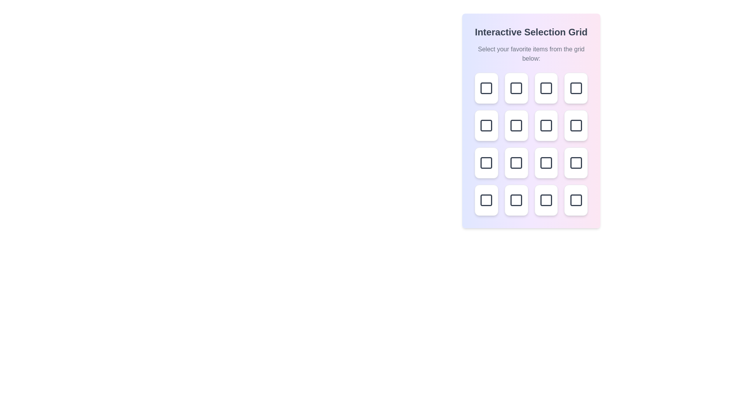  What do you see at coordinates (576, 163) in the screenshot?
I see `the Selectable Grid Item located in the fourth row and third column of the 'Interactive Selection Grid' to trigger potential tooltip or highlighting effects` at bounding box center [576, 163].